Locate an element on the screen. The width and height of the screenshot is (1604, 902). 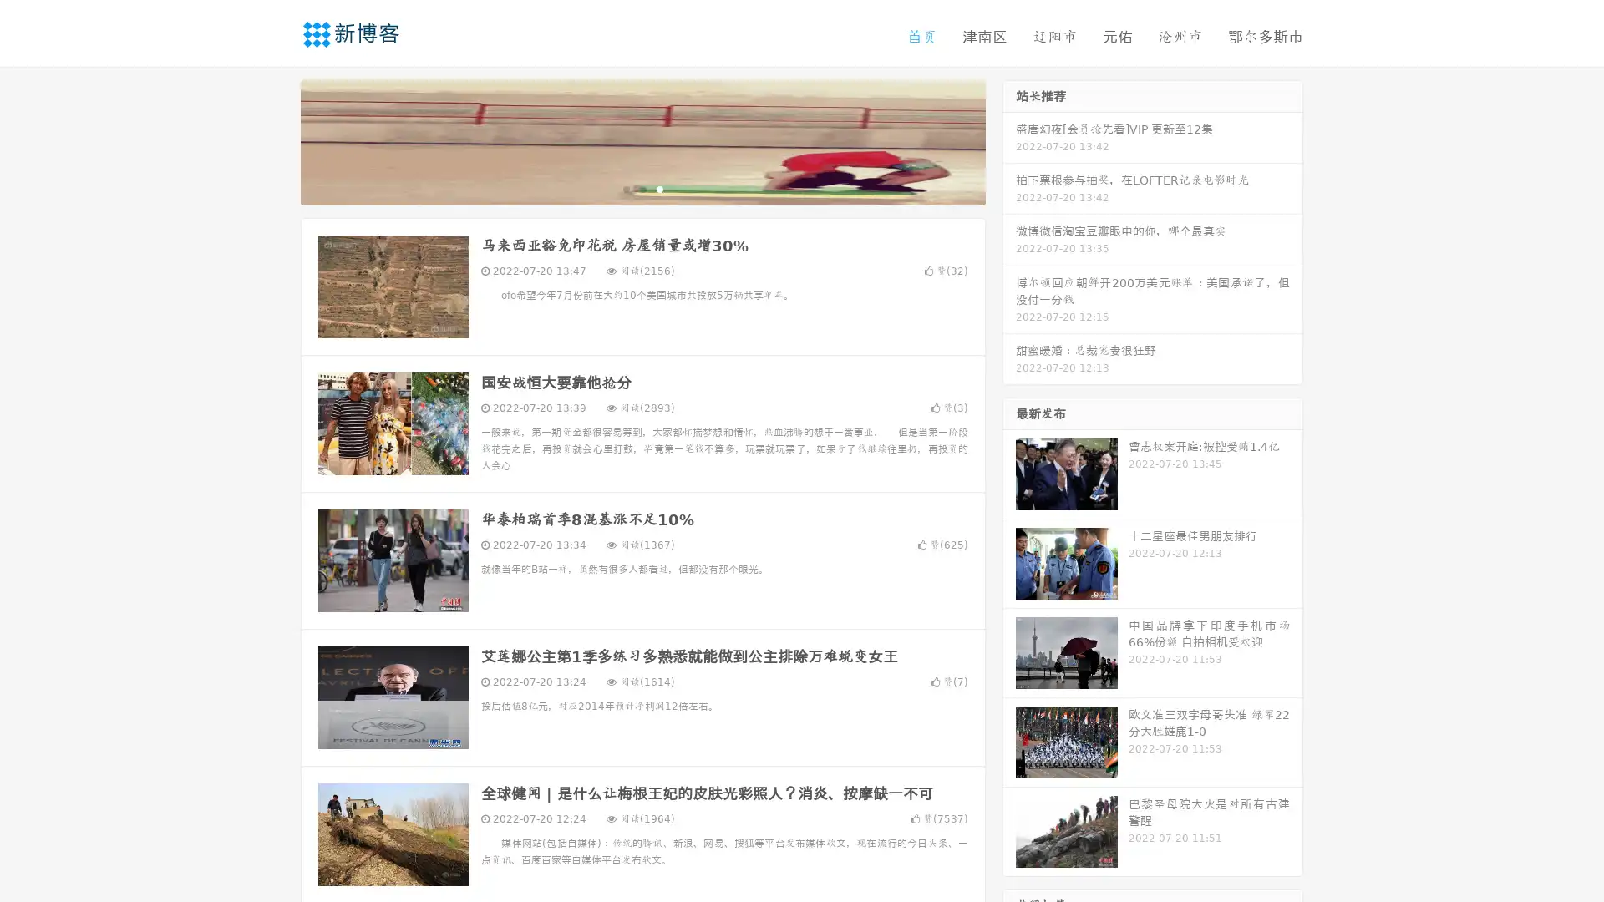
Go to slide 1 is located at coordinates (625, 188).